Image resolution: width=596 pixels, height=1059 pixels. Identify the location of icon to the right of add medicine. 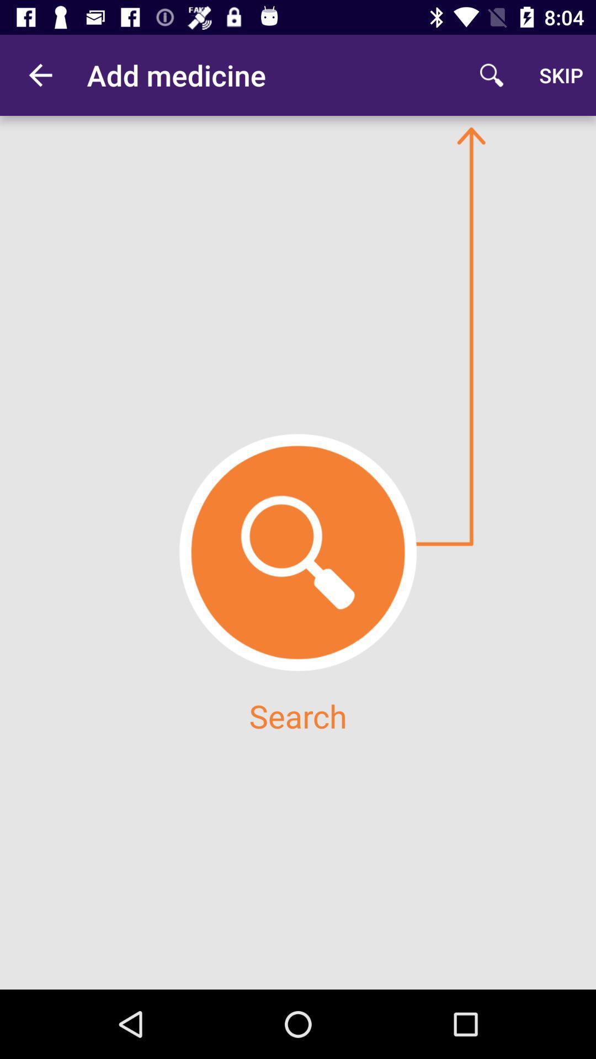
(491, 74).